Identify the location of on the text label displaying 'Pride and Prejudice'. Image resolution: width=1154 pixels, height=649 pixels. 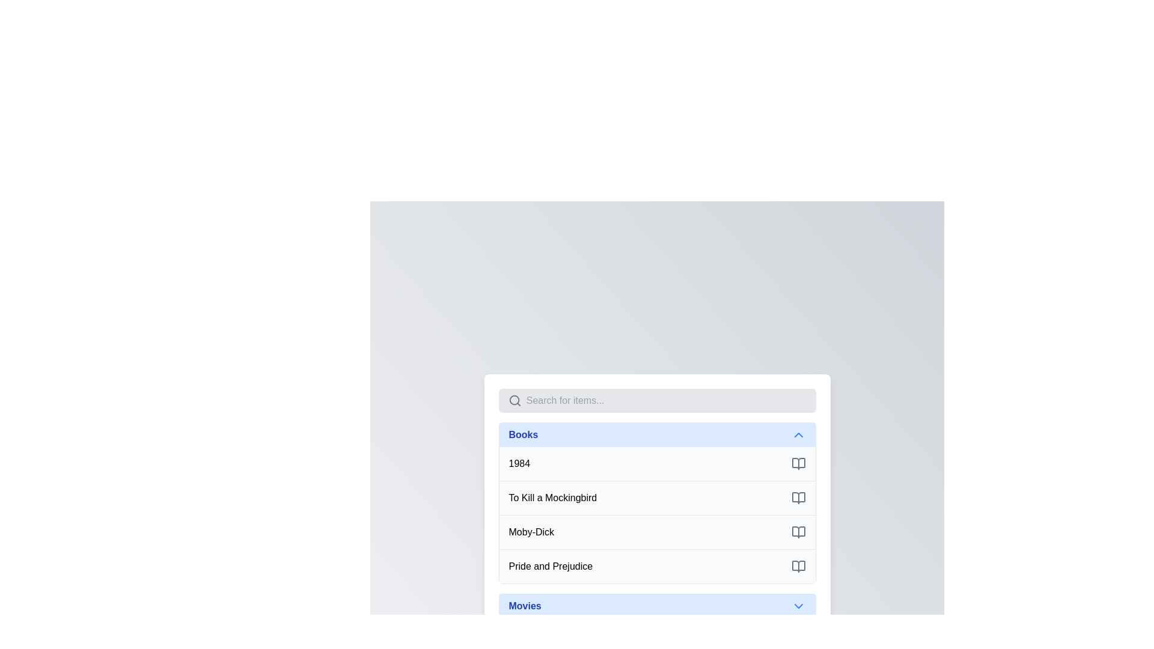
(550, 566).